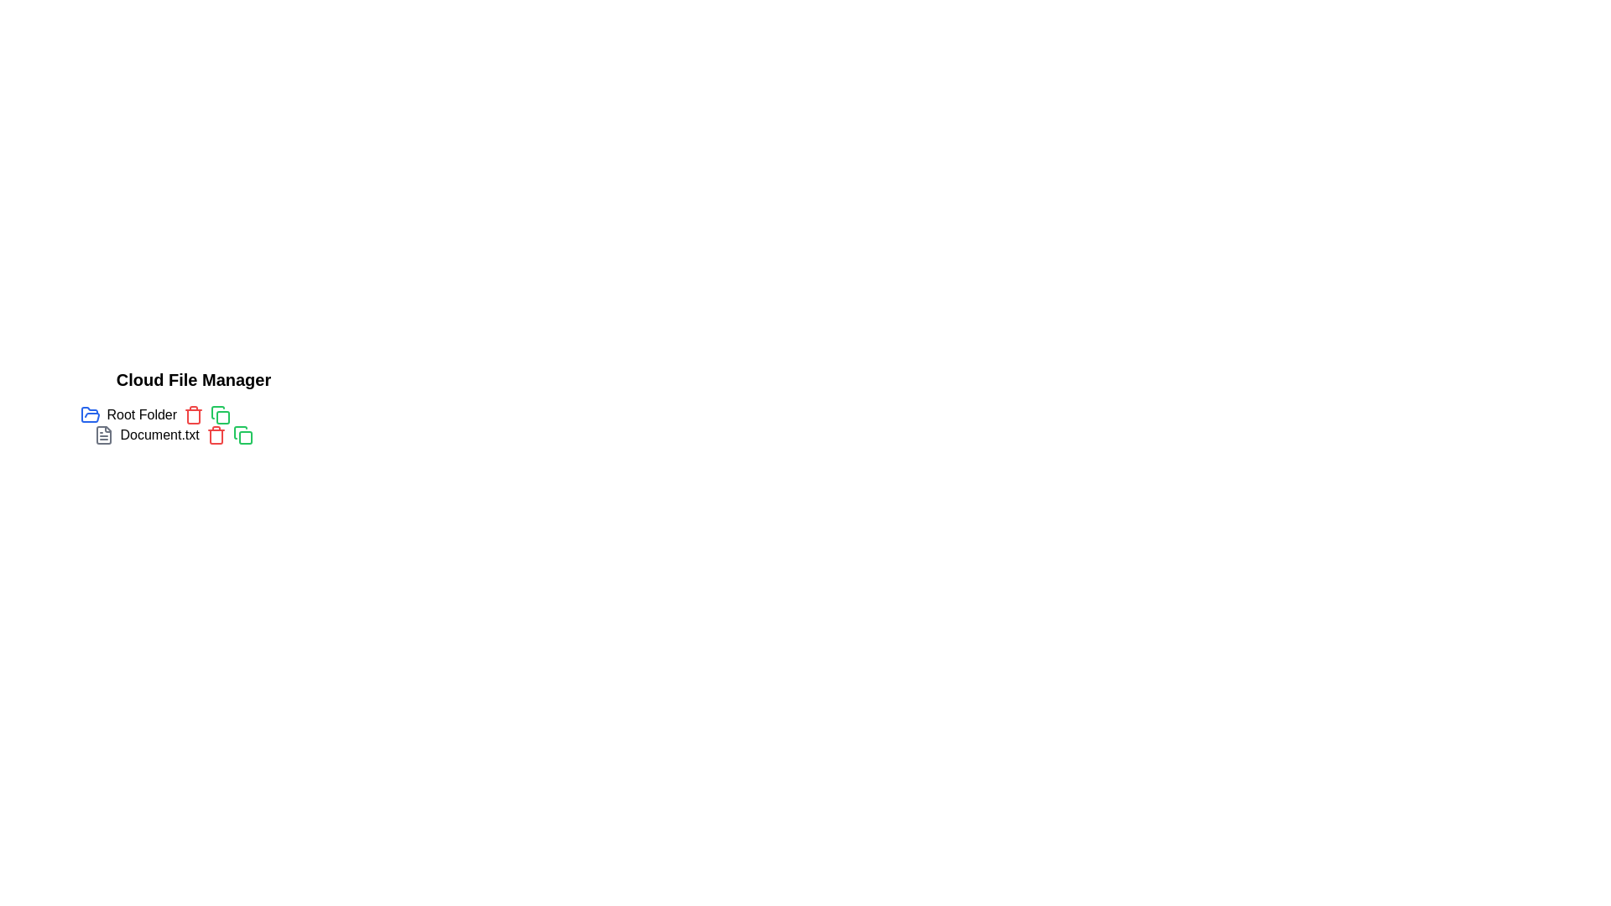 The width and height of the screenshot is (1611, 906). I want to click on the copy icon for 'Document.txt', so click(242, 435).